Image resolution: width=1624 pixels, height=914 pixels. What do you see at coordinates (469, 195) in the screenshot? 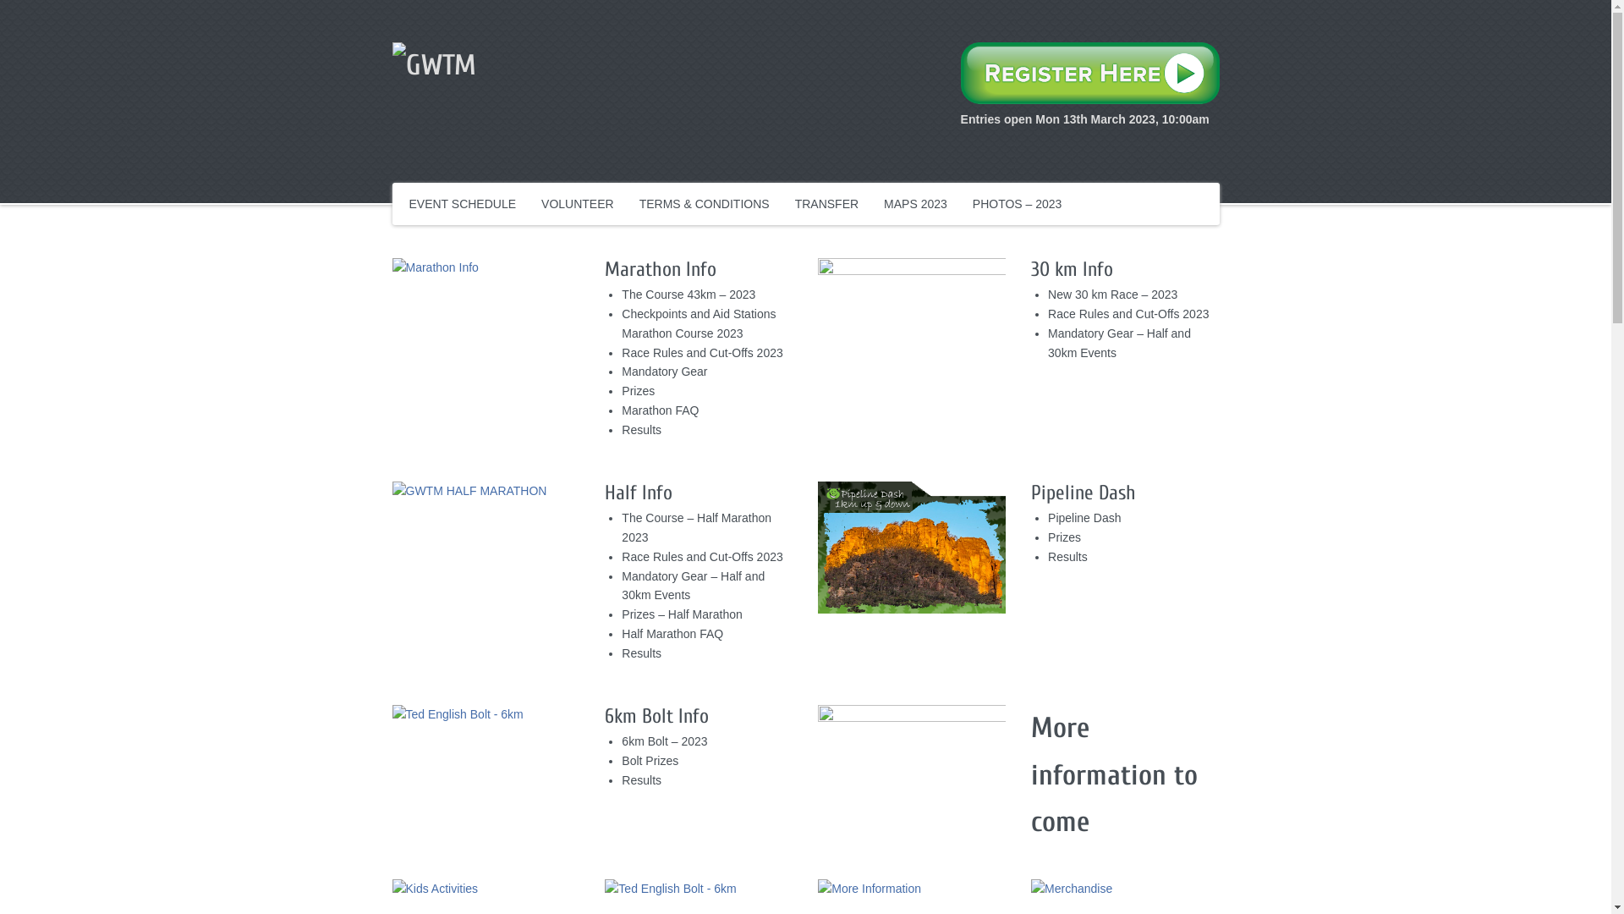
I see `'Skip to primary content'` at bounding box center [469, 195].